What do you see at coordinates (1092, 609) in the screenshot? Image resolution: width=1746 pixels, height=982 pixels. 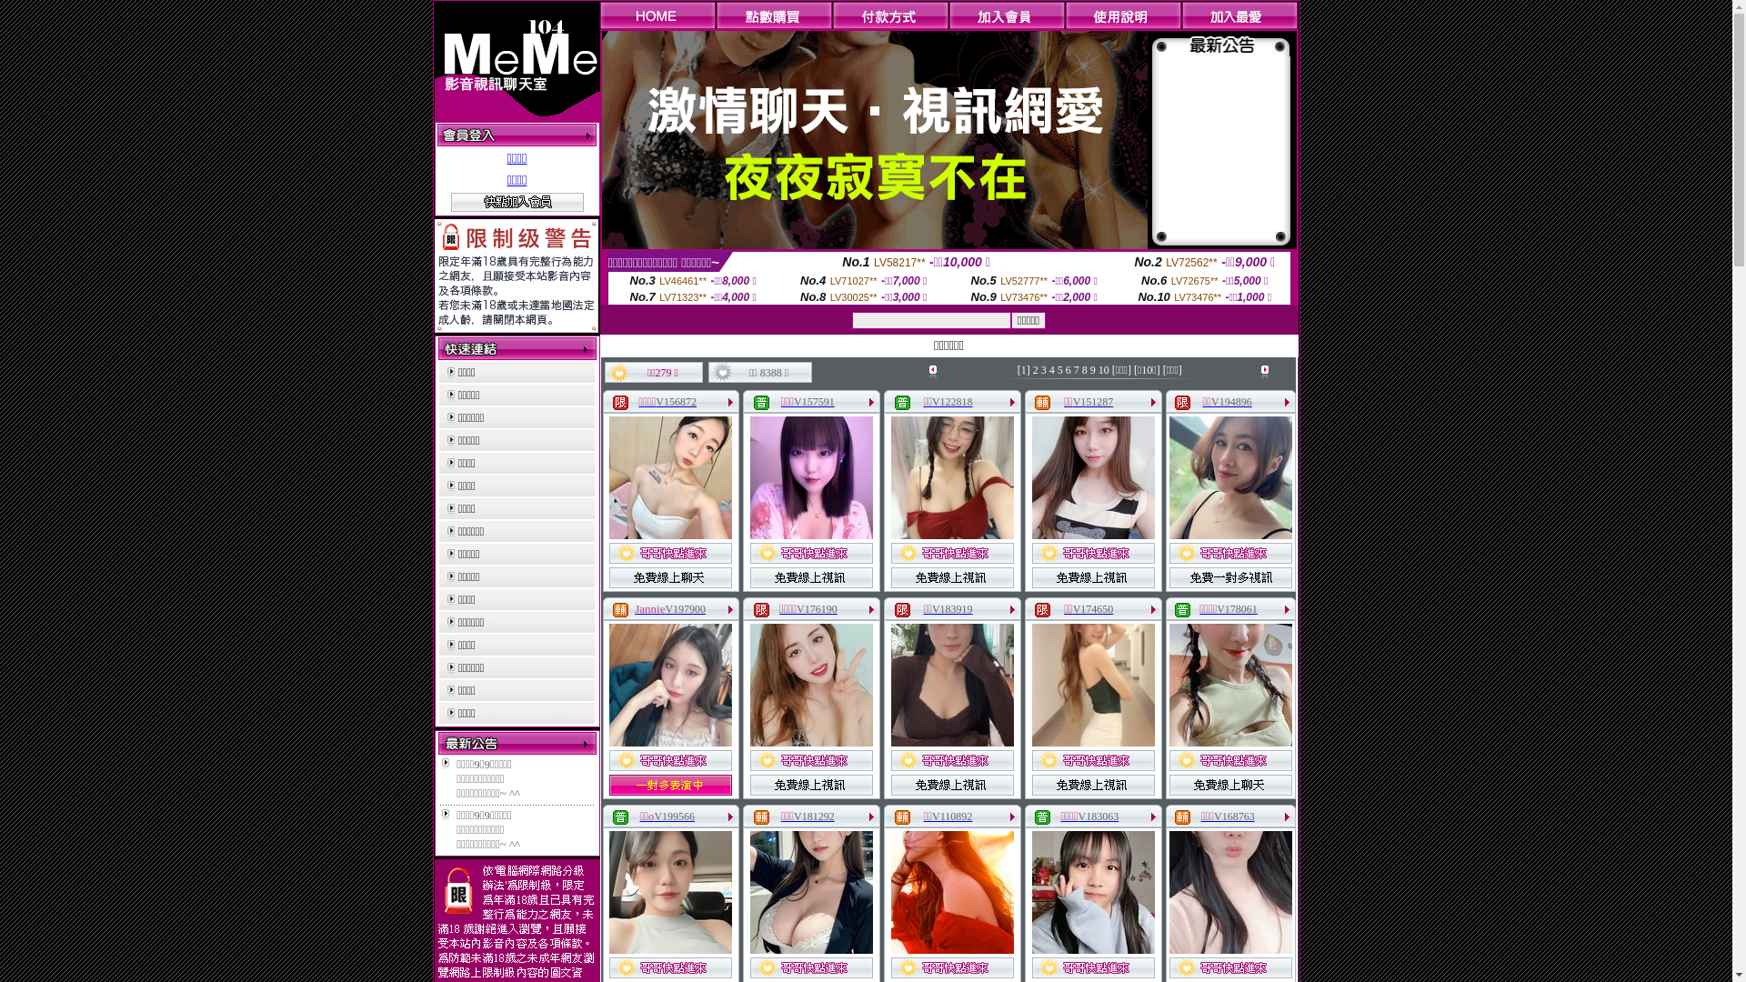 I see `'V174650'` at bounding box center [1092, 609].